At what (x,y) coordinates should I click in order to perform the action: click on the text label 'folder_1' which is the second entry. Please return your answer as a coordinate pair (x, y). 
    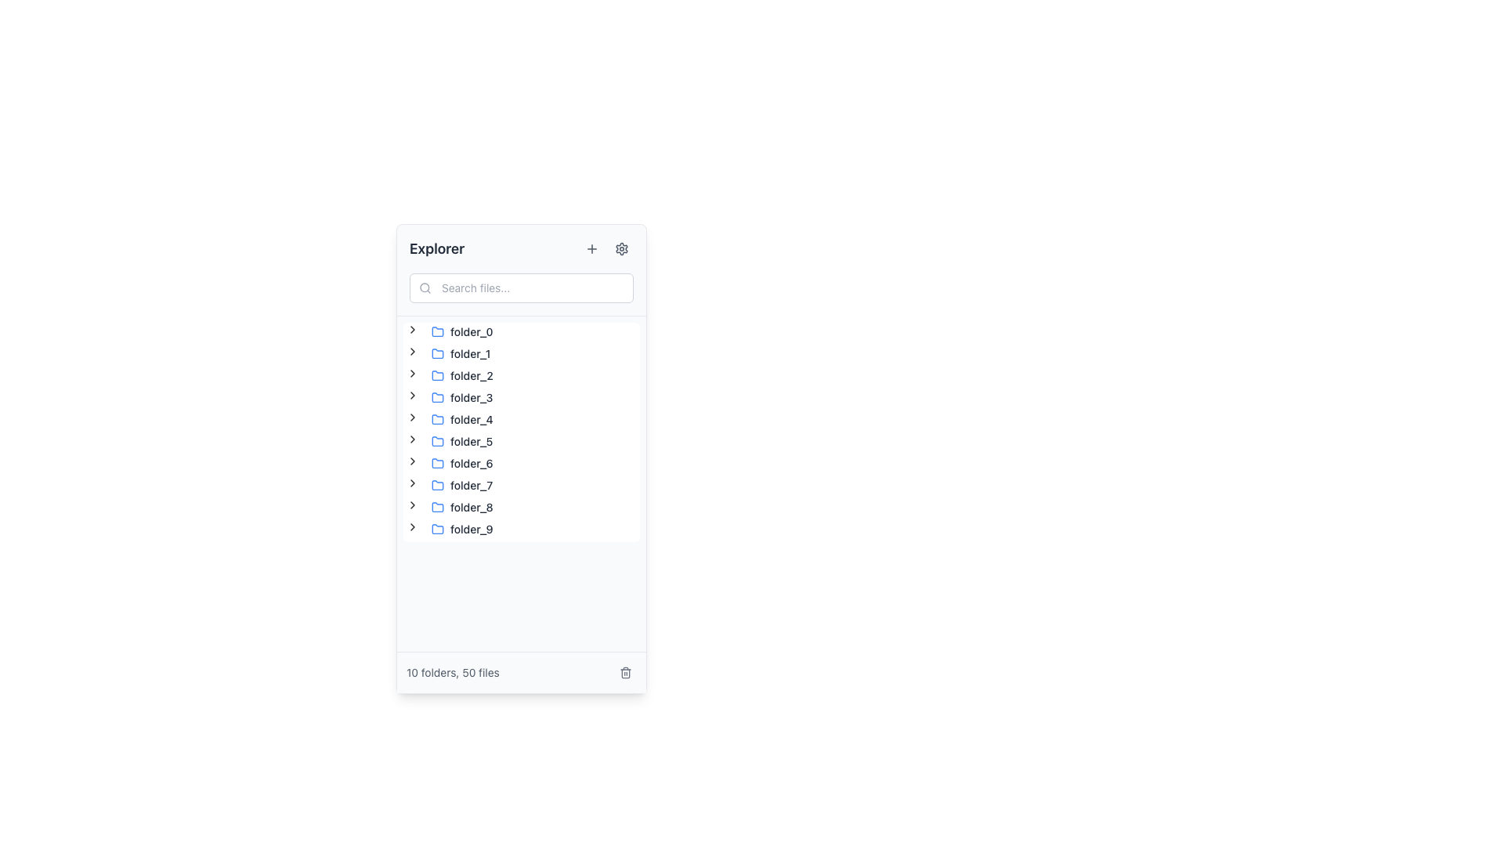
    Looking at the image, I should click on (469, 353).